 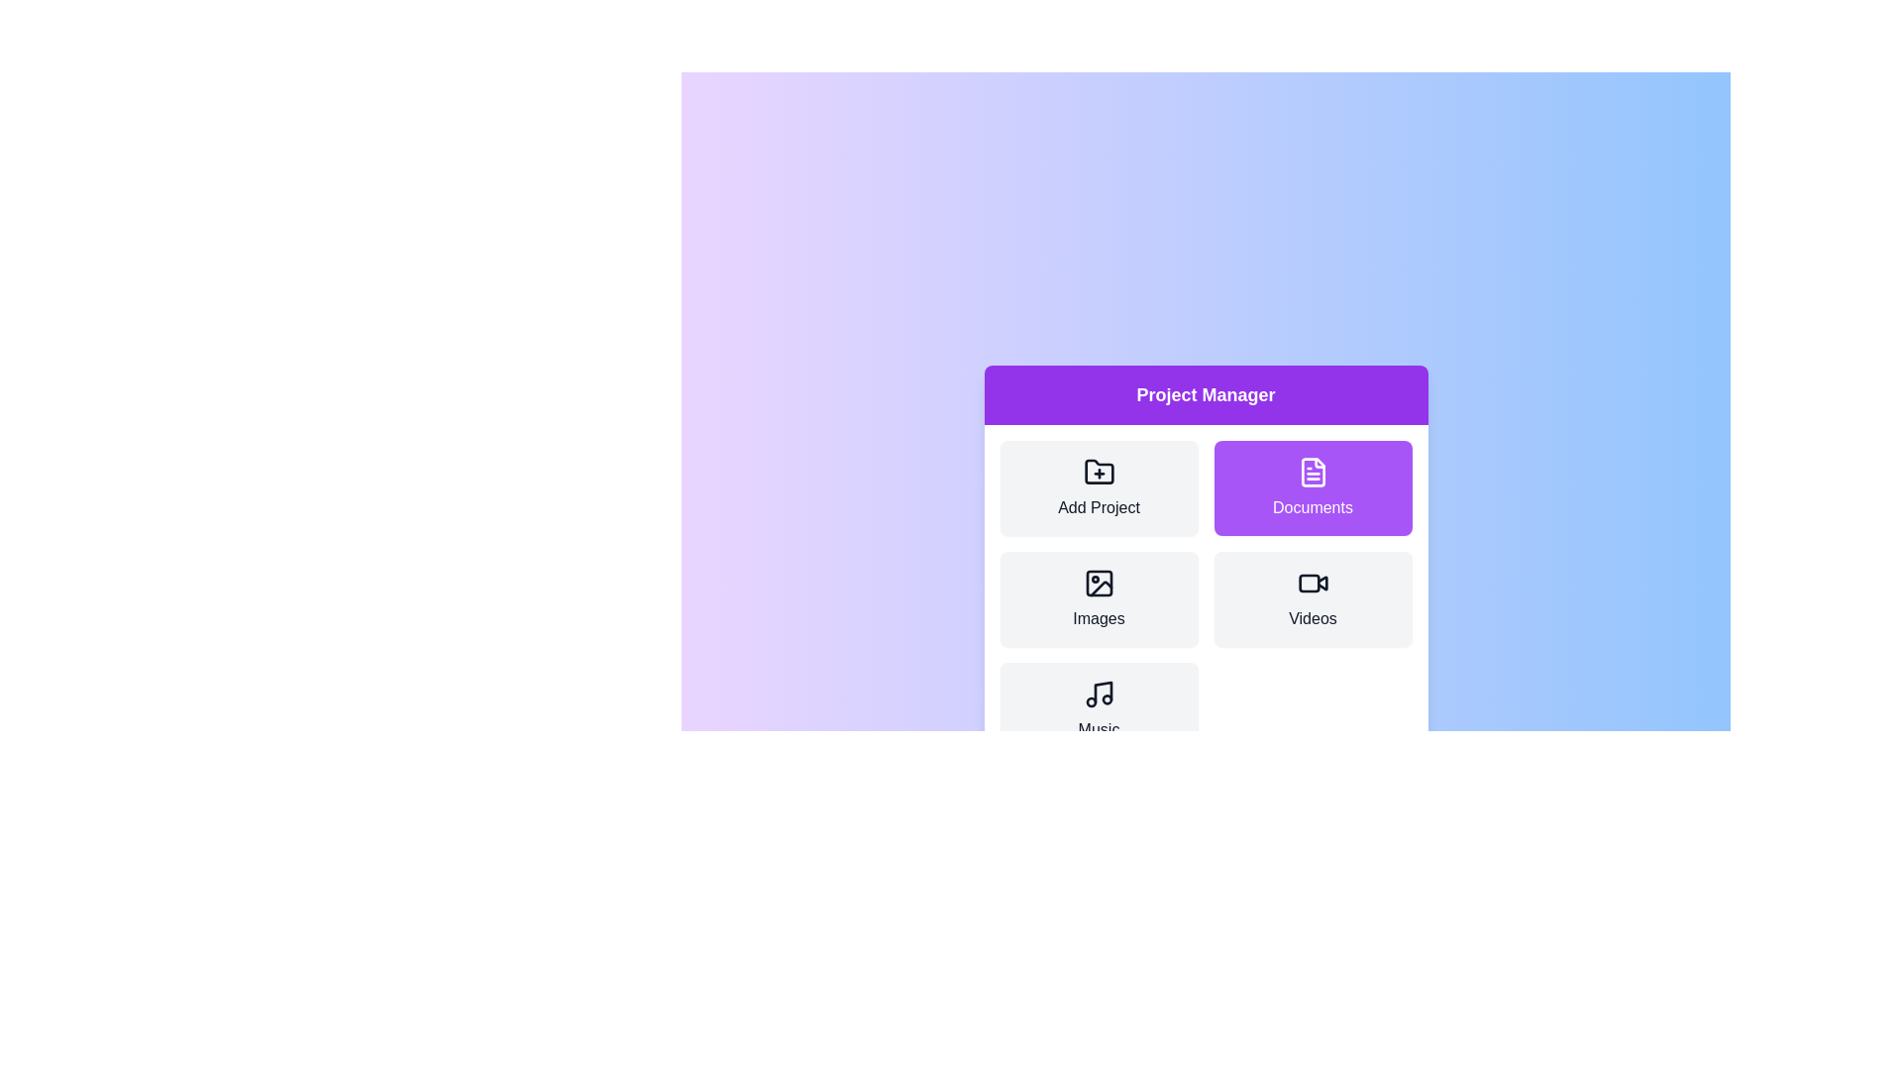 What do you see at coordinates (1313, 488) in the screenshot?
I see `the category Documents to inspect the visual feedback` at bounding box center [1313, 488].